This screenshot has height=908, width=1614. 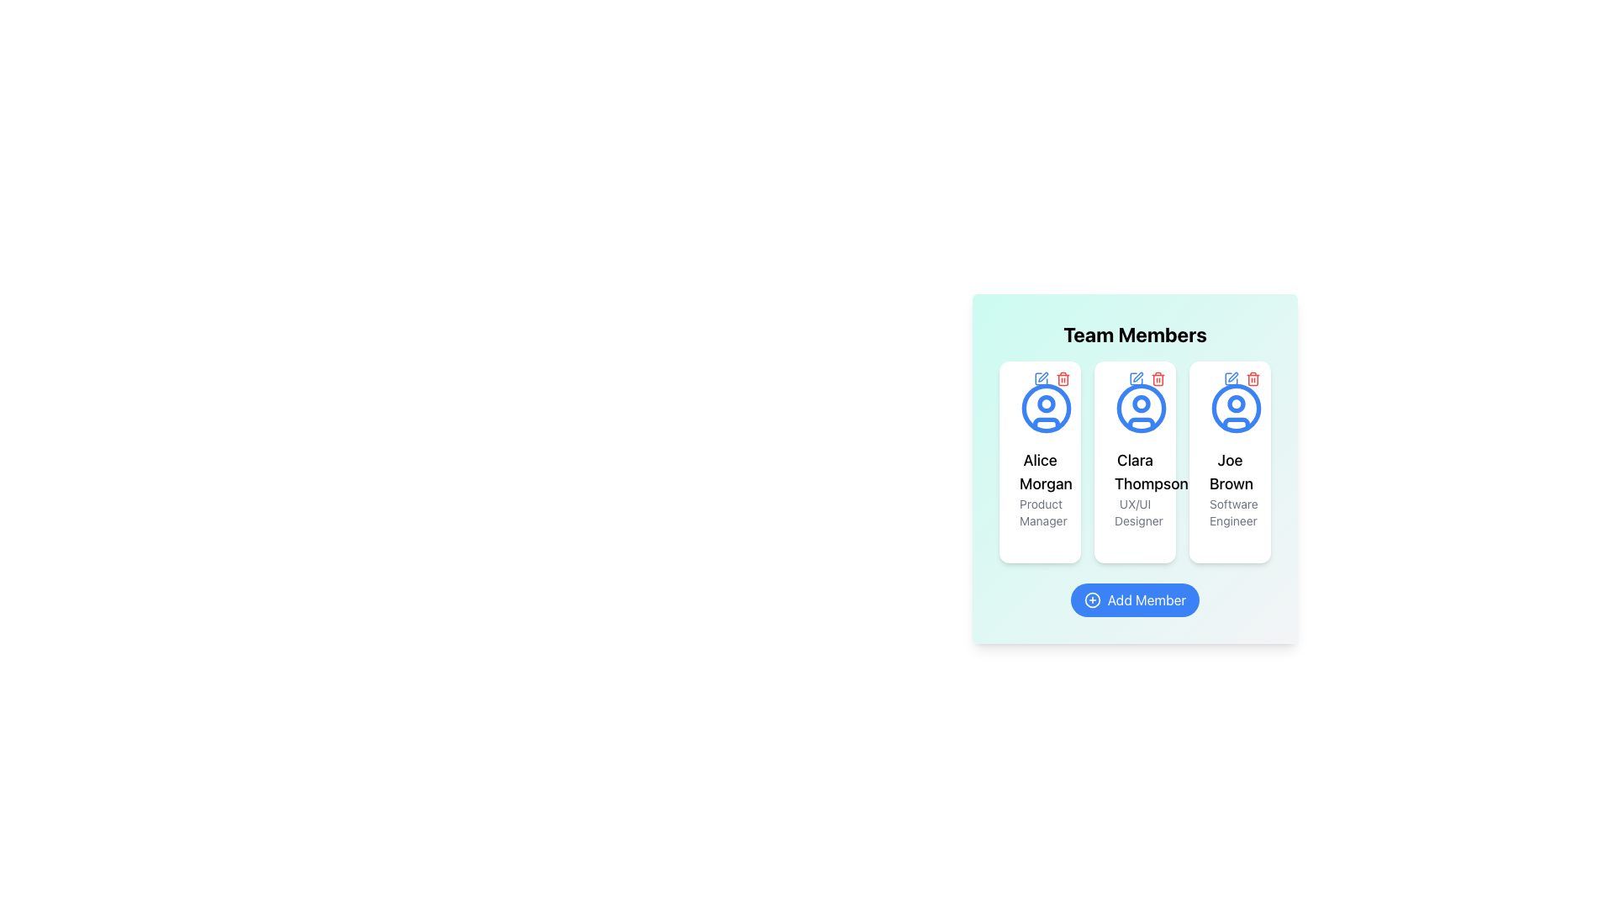 I want to click on the Text label displaying the name of a team member, which is located in the middle card of a list of team member cards, positioned beneath the profile icon and above the 'UX/UI Designer' subtitle, so click(x=1135, y=472).